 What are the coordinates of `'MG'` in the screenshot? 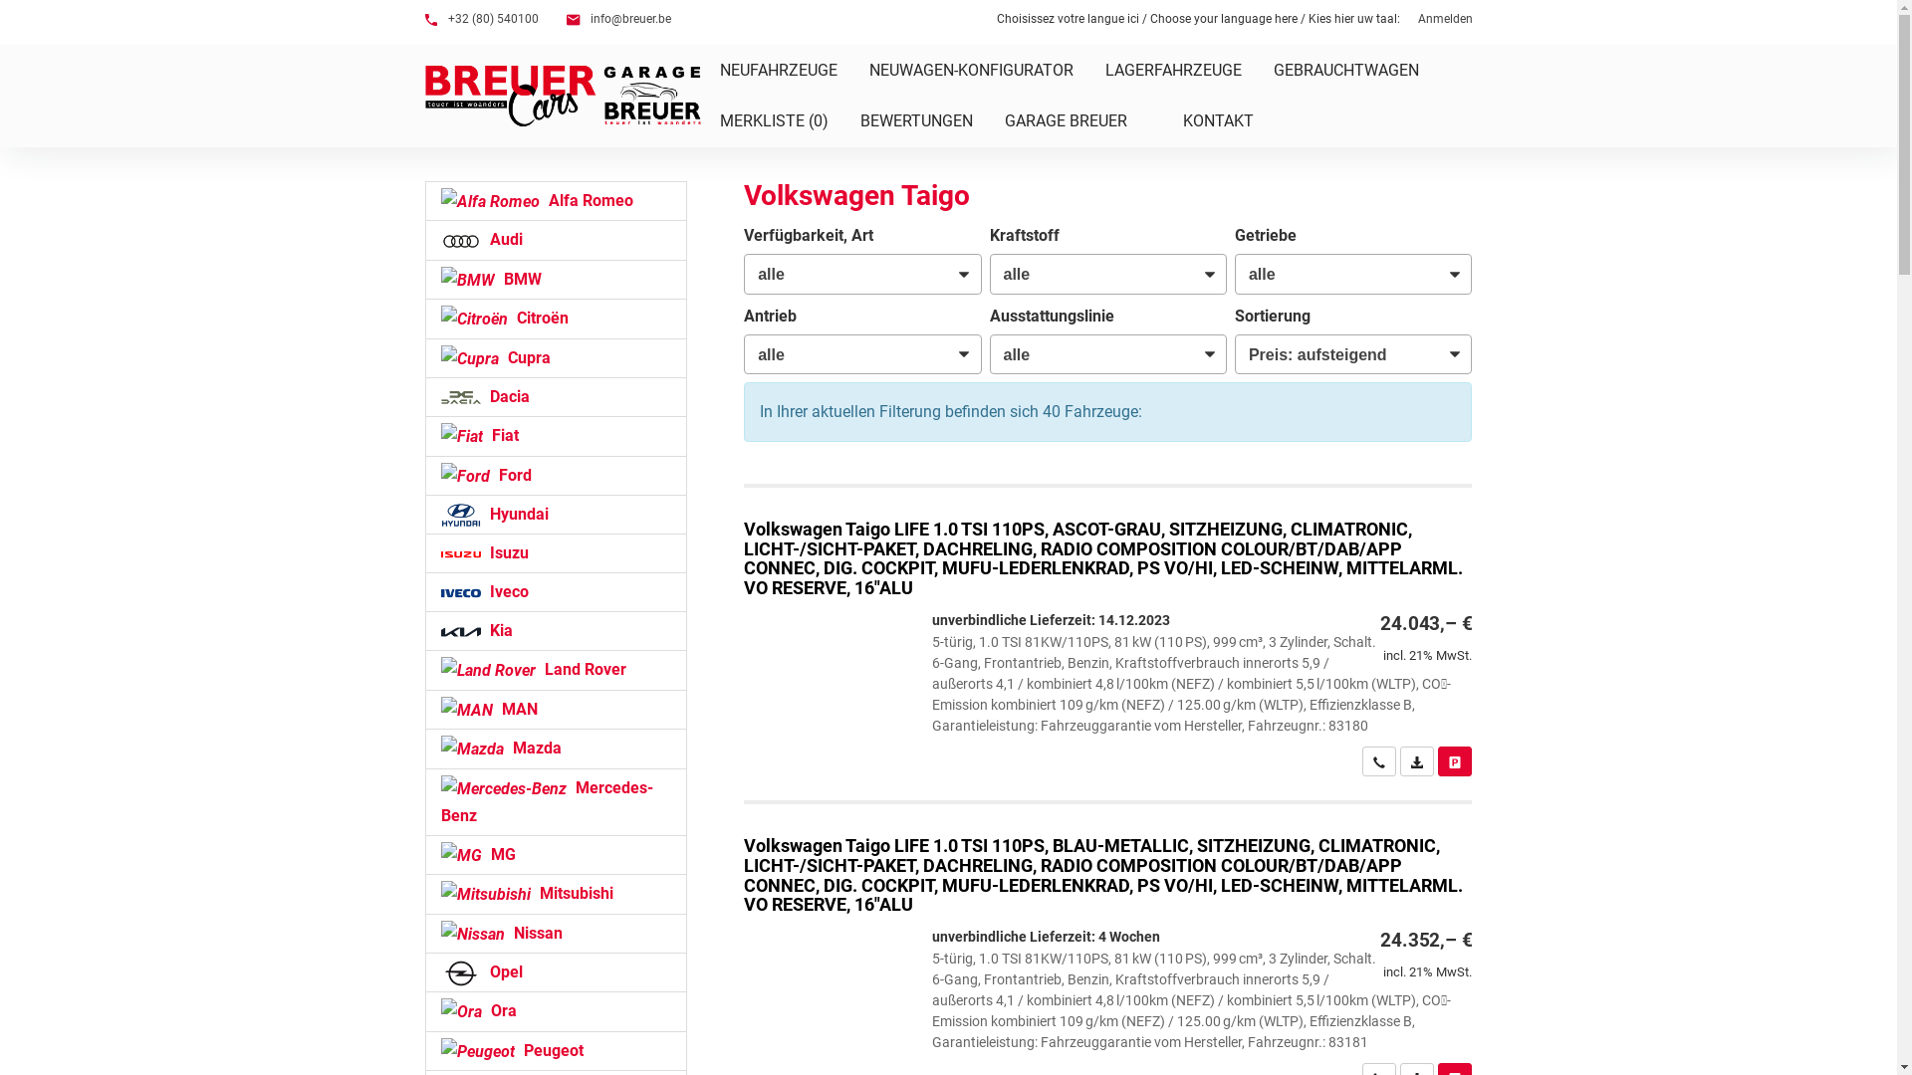 It's located at (555, 854).